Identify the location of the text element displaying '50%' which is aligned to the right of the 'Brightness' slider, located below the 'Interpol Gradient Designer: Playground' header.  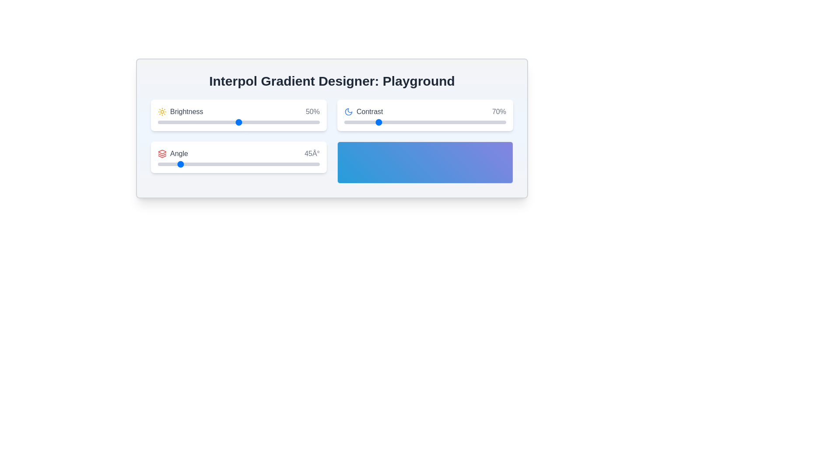
(313, 111).